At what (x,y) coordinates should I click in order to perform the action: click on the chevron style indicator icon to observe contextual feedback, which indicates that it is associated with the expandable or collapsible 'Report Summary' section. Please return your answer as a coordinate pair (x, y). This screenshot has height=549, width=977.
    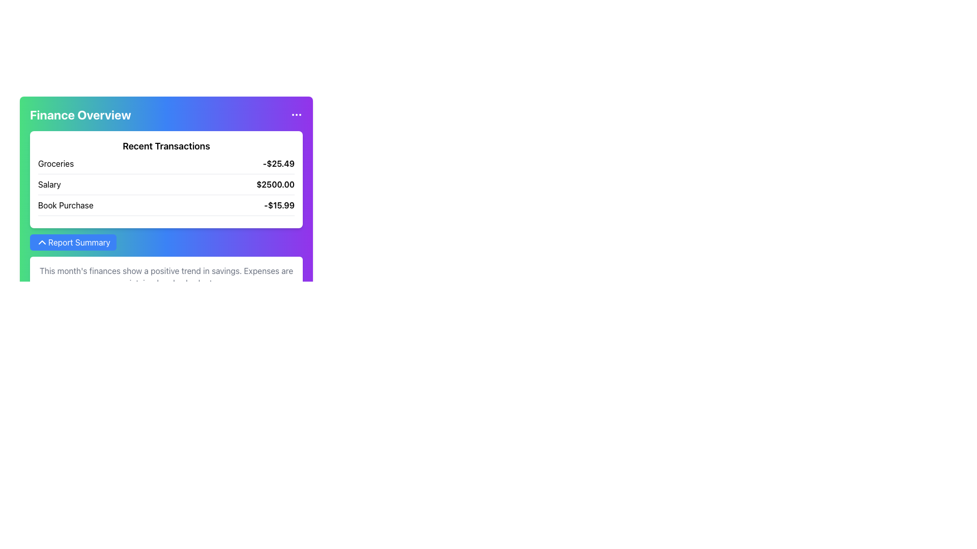
    Looking at the image, I should click on (41, 242).